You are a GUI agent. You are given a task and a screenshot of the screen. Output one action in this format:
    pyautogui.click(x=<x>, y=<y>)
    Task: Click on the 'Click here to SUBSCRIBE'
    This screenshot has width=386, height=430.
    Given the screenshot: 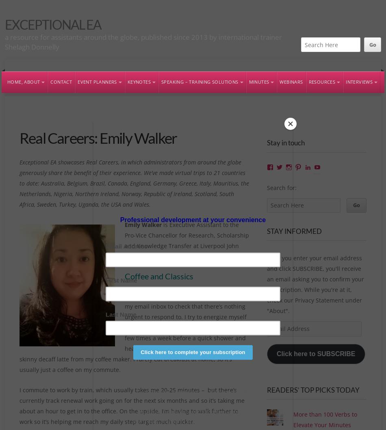 What is the action you would take?
    pyautogui.click(x=316, y=358)
    